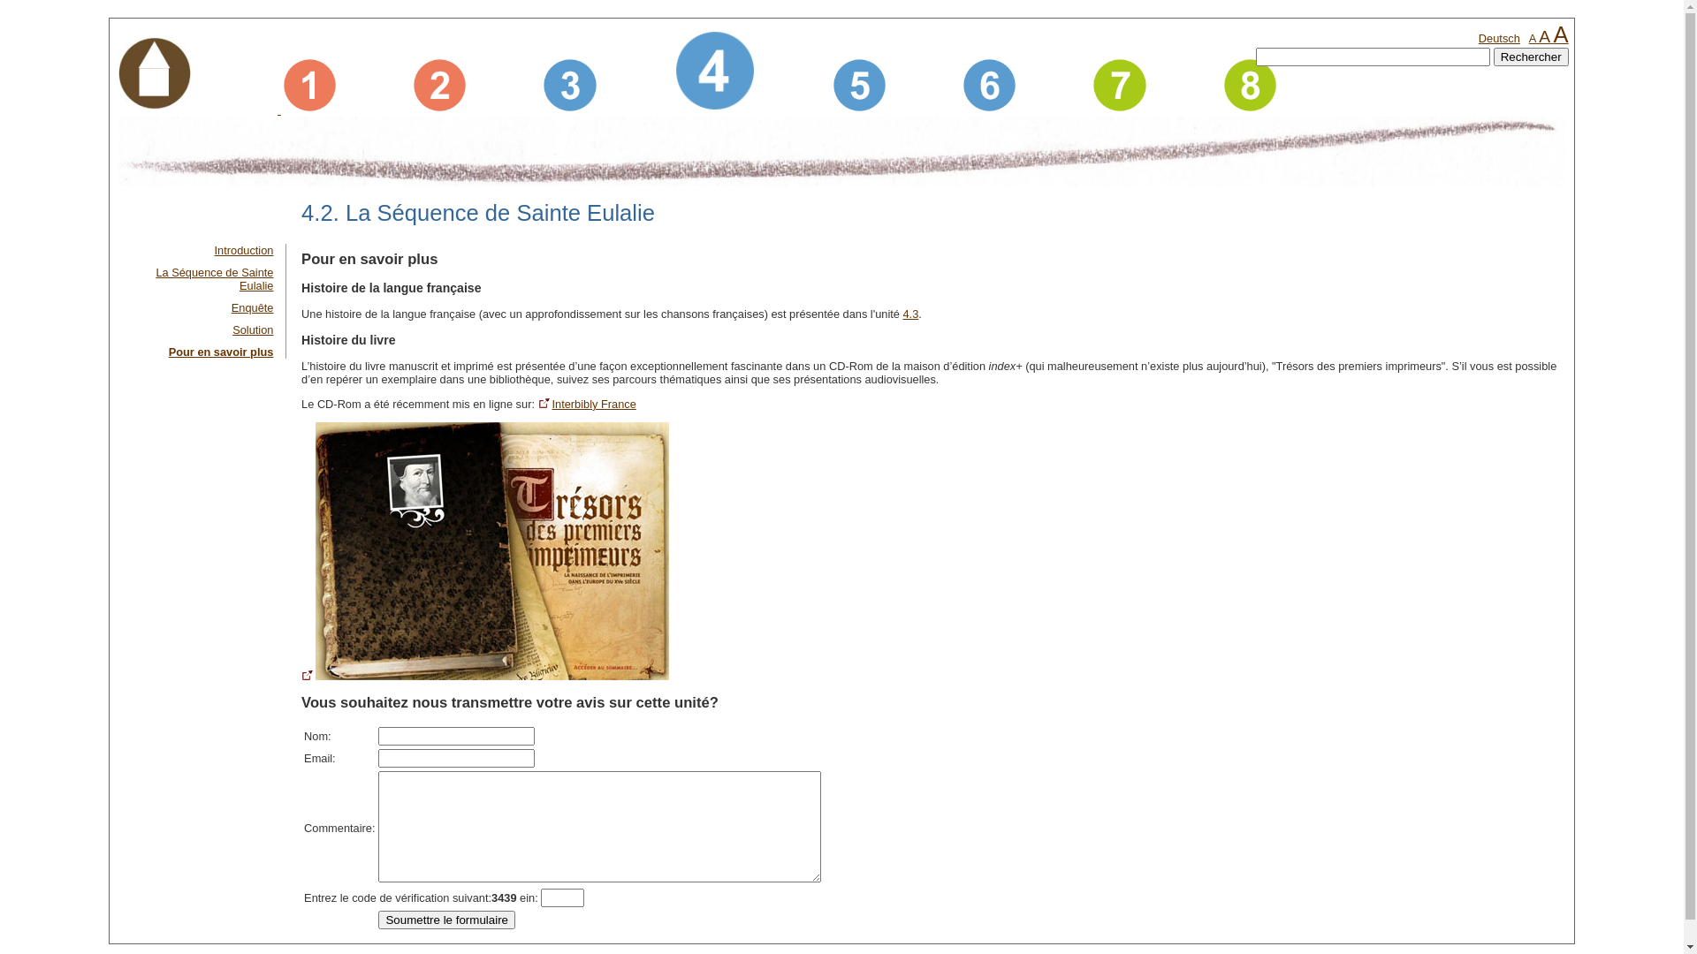 Image resolution: width=1697 pixels, height=954 pixels. I want to click on '4.3', so click(910, 313).